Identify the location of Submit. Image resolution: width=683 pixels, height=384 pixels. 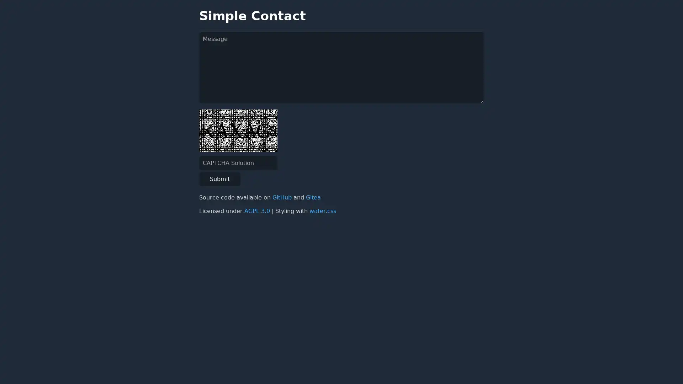
(219, 178).